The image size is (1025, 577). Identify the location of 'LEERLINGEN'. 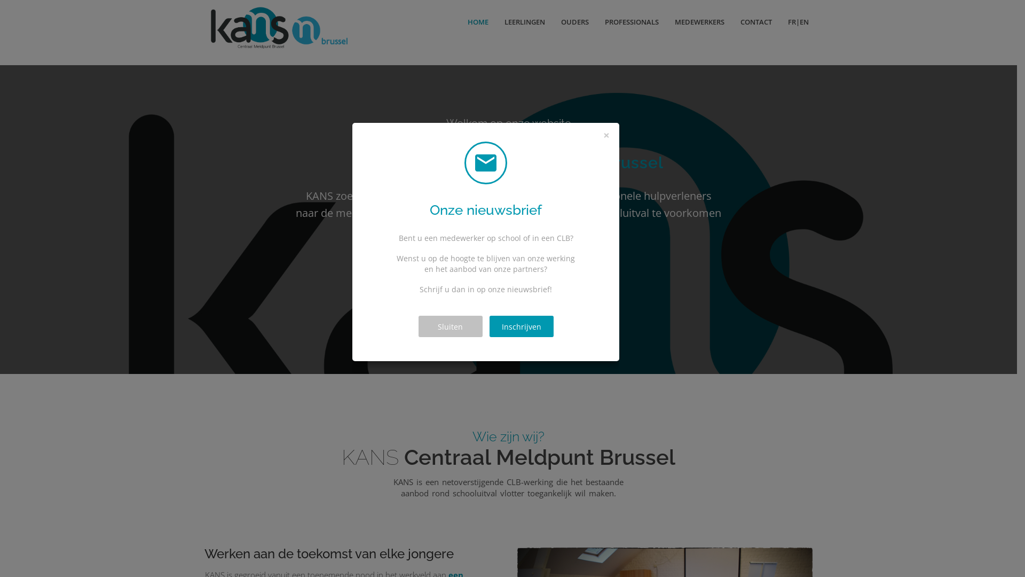
(525, 22).